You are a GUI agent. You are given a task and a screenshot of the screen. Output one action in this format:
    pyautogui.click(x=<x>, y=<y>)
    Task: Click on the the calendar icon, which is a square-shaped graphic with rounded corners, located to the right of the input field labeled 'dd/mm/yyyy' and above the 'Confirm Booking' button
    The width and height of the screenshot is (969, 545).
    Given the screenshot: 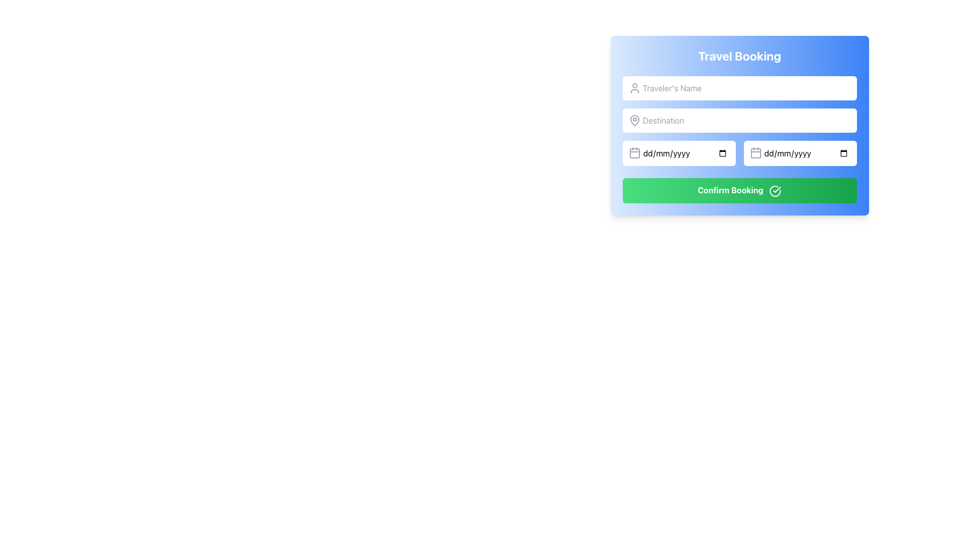 What is the action you would take?
    pyautogui.click(x=756, y=153)
    